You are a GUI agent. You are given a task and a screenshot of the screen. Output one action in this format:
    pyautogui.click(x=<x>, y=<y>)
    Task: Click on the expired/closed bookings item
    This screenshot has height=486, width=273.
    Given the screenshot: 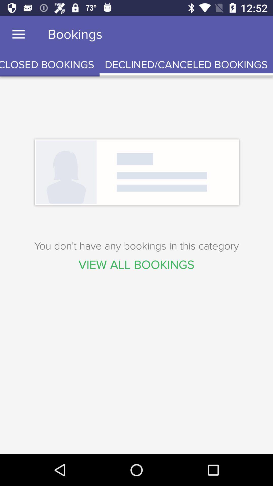 What is the action you would take?
    pyautogui.click(x=50, y=65)
    